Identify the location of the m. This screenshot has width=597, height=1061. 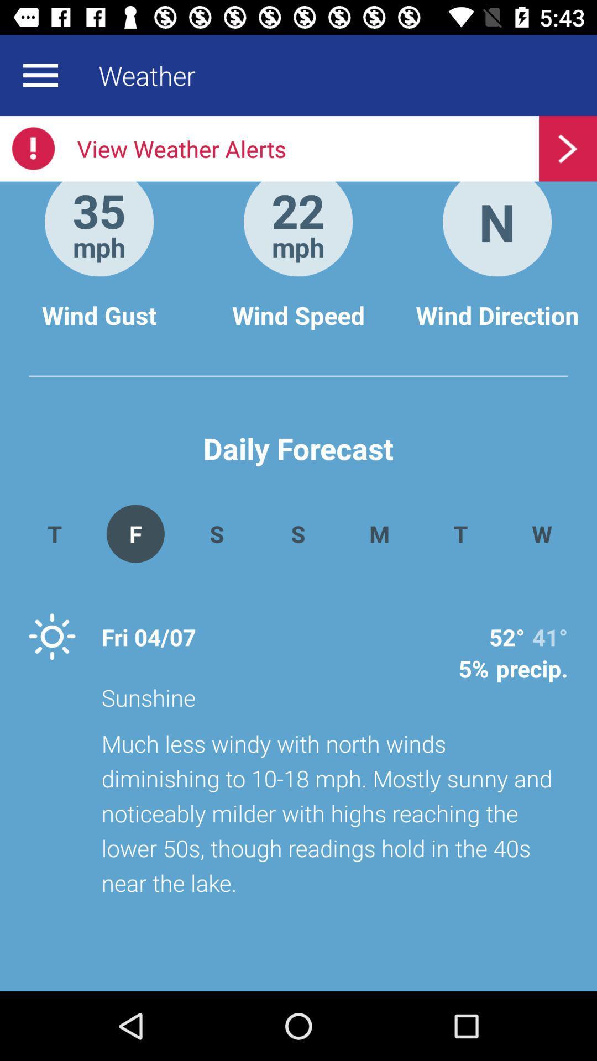
(379, 533).